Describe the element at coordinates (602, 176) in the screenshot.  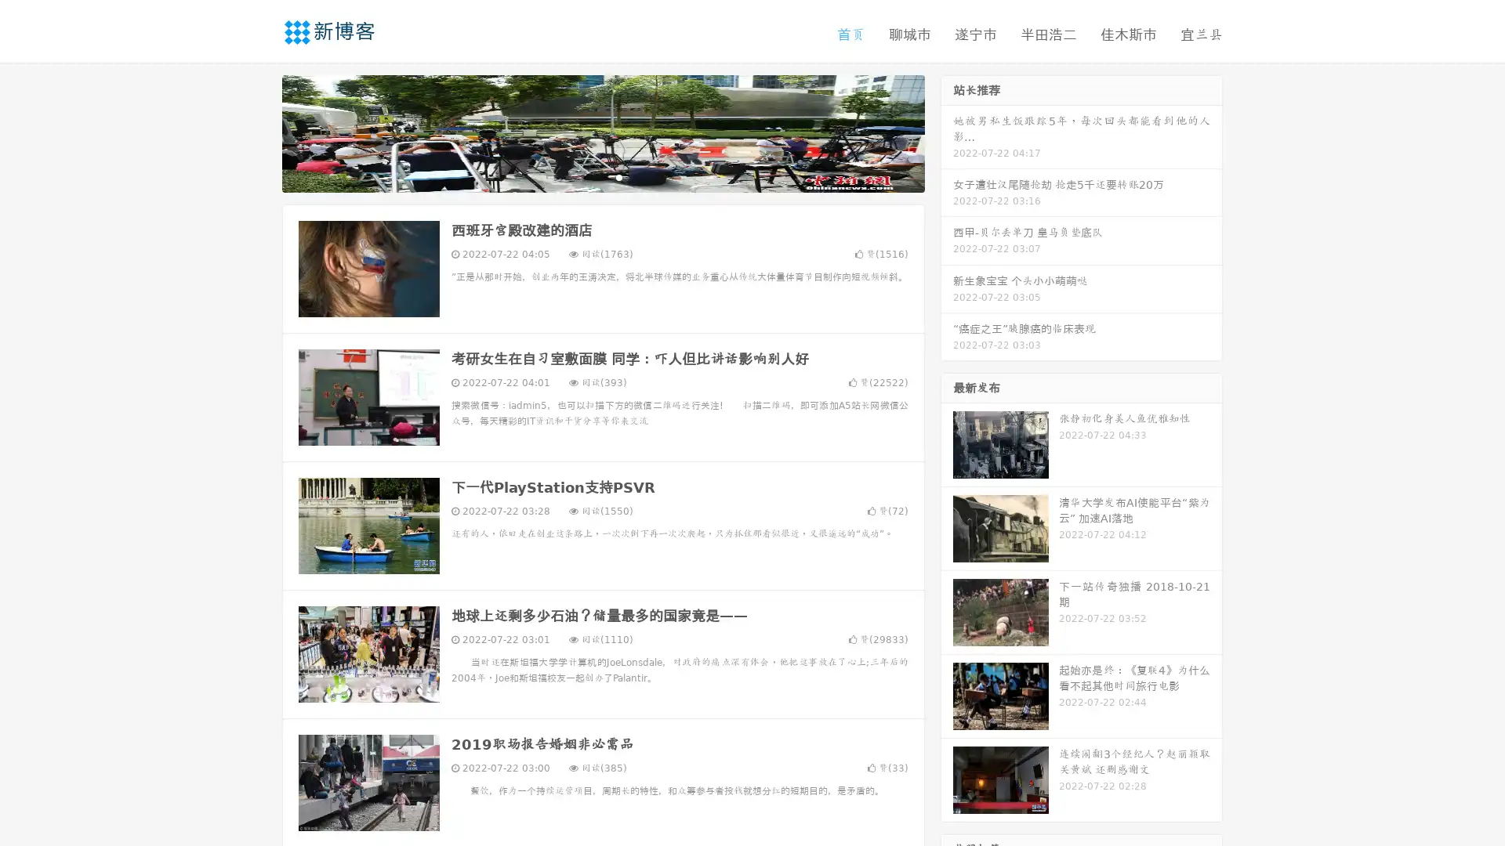
I see `Go to slide 2` at that location.